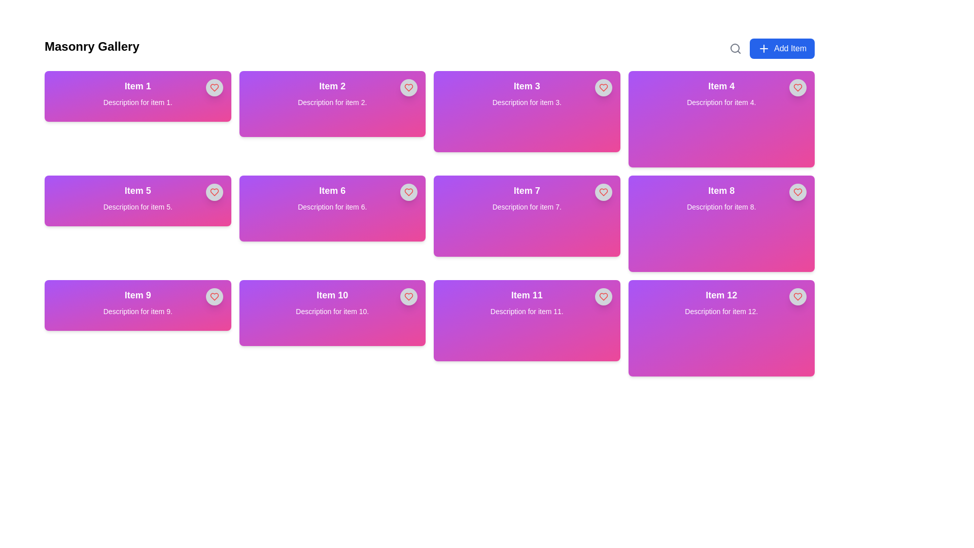 Image resolution: width=974 pixels, height=548 pixels. Describe the element at coordinates (721, 85) in the screenshot. I see `bold text label that says 'Item 4' in white color, located at the top-left corner of the purple-to-pink gradient card` at that location.